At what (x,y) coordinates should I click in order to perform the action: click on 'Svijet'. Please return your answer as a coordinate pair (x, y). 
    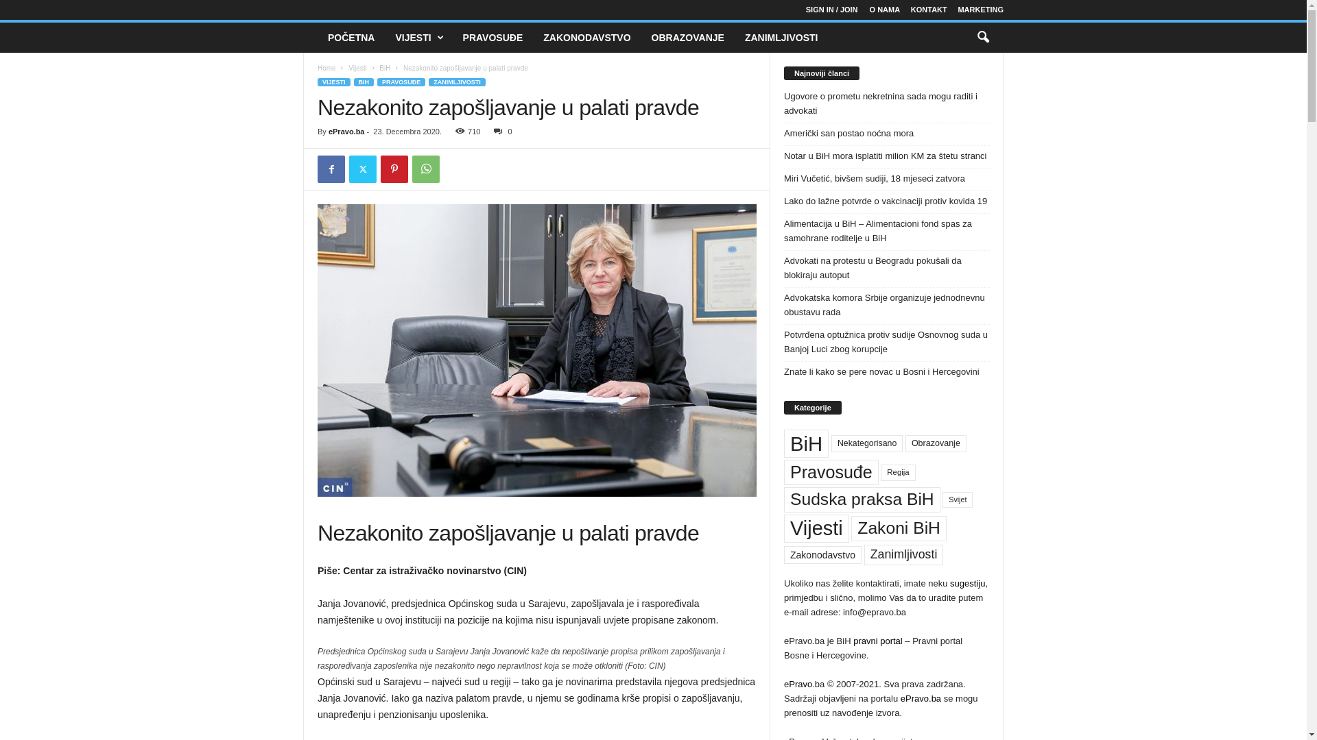
    Looking at the image, I should click on (957, 500).